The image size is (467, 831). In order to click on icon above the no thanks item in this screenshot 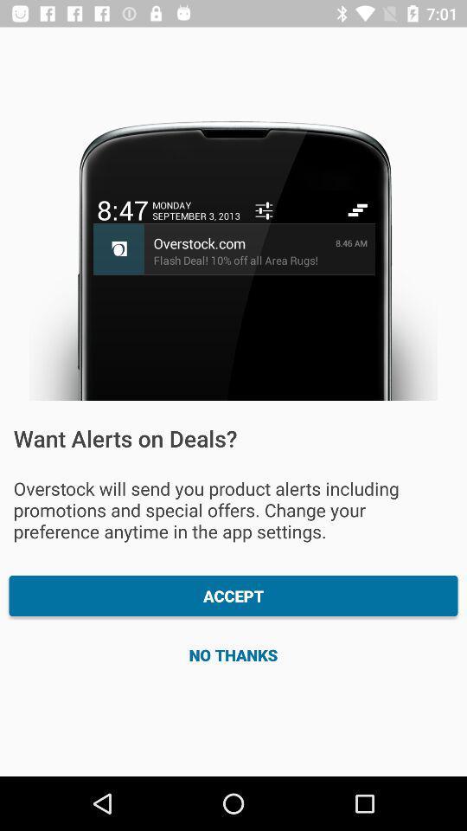, I will do `click(233, 596)`.